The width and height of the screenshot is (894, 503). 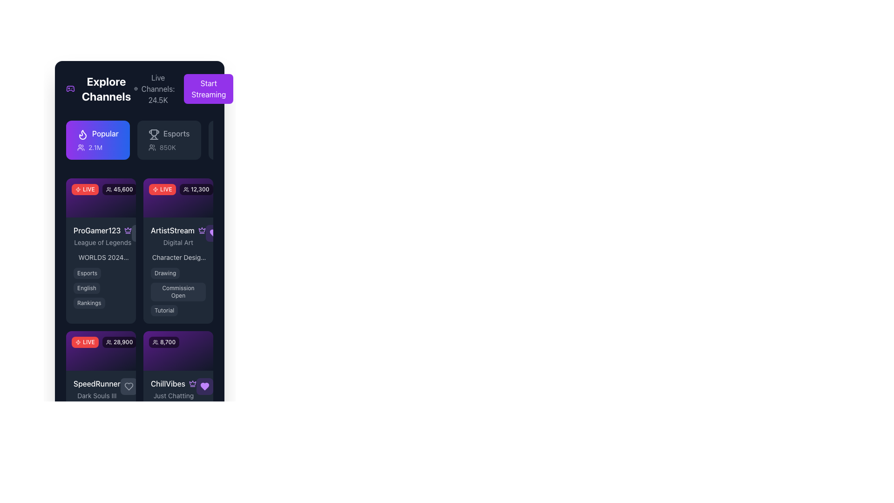 What do you see at coordinates (105, 133) in the screenshot?
I see `the text label indicating the category or section labeled 'Popular', which is located to the right of a flame icon and above the numerical value (2.1M) in the first section of options under 'Explore Channels'` at bounding box center [105, 133].